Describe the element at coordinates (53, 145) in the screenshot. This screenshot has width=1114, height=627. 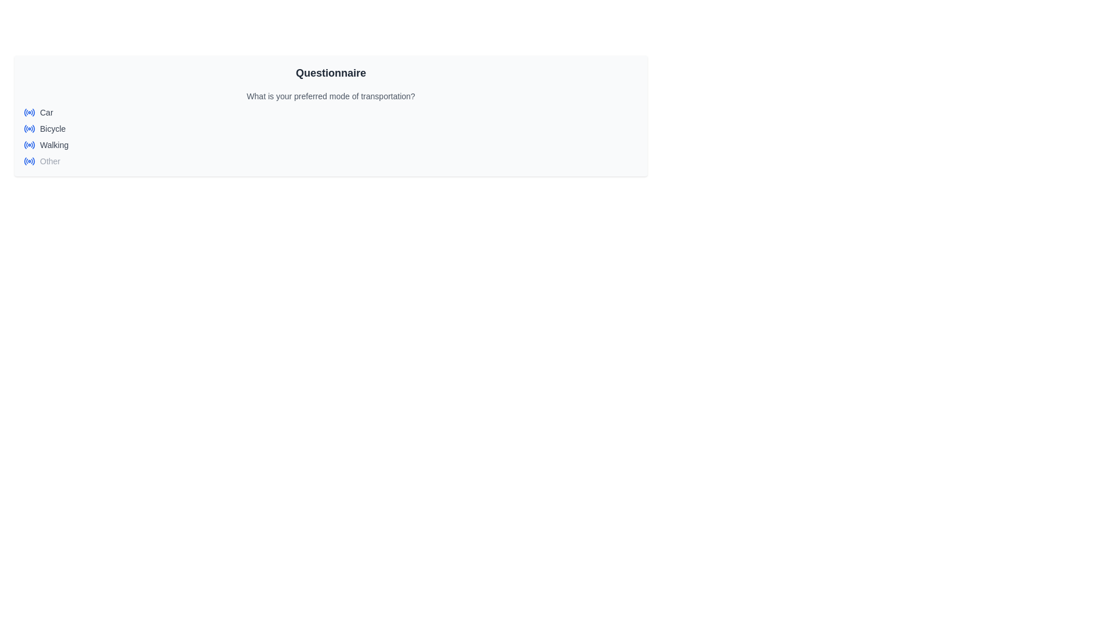
I see `static text label displaying 'Walking', which is the third option in a list of transportation choices, located below 'Bicycle' and above 'Other'` at that location.